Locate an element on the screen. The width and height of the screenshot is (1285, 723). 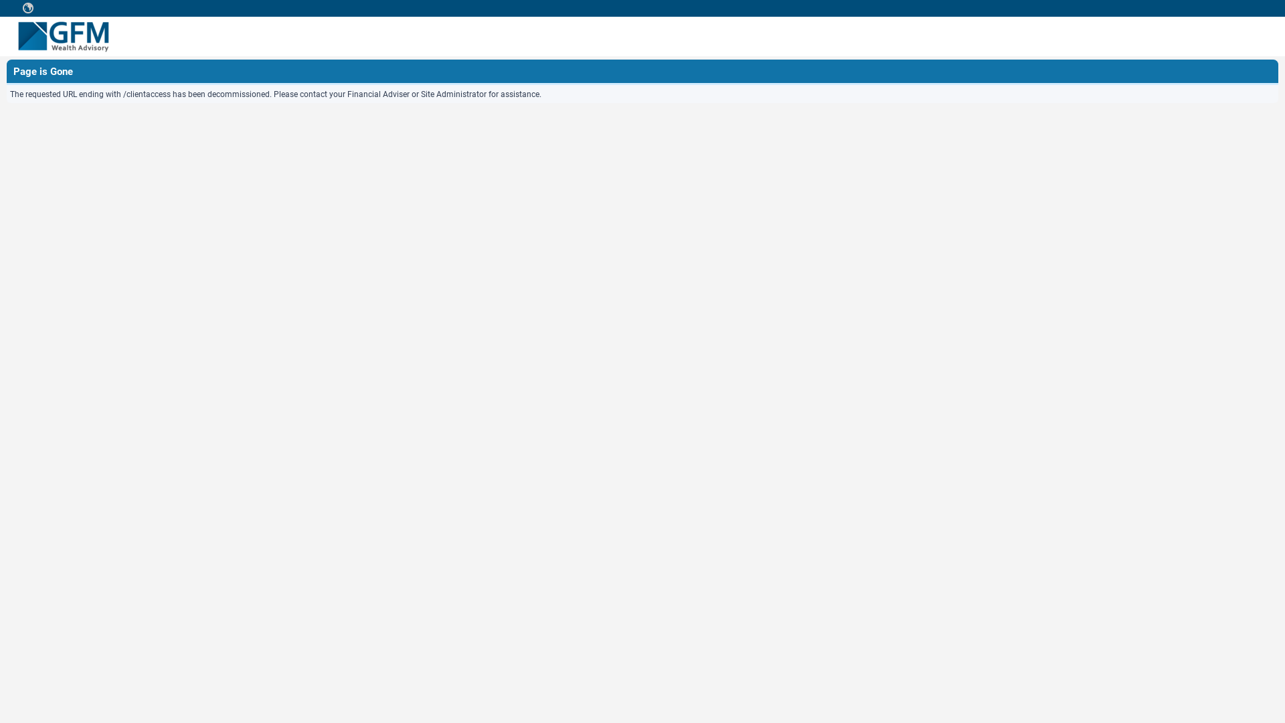
' ' is located at coordinates (27, 7).